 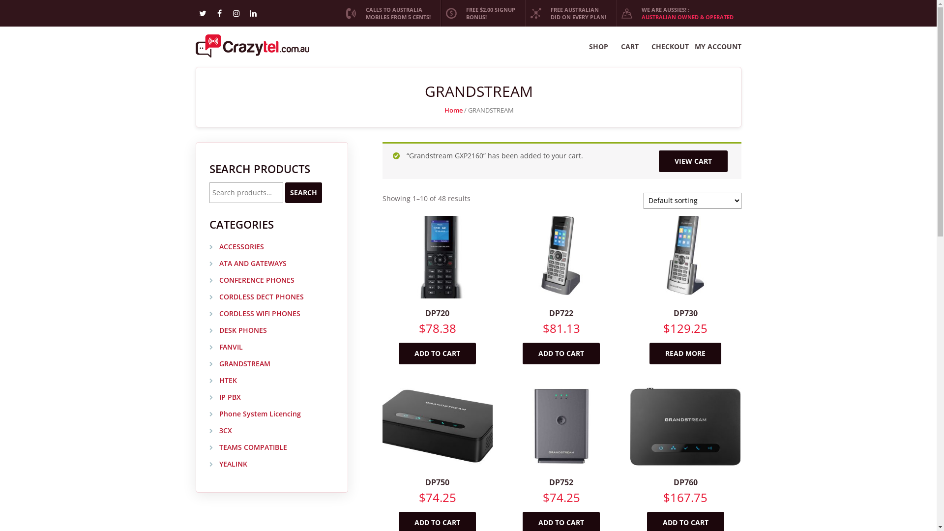 What do you see at coordinates (684, 353) in the screenshot?
I see `'READ MORE'` at bounding box center [684, 353].